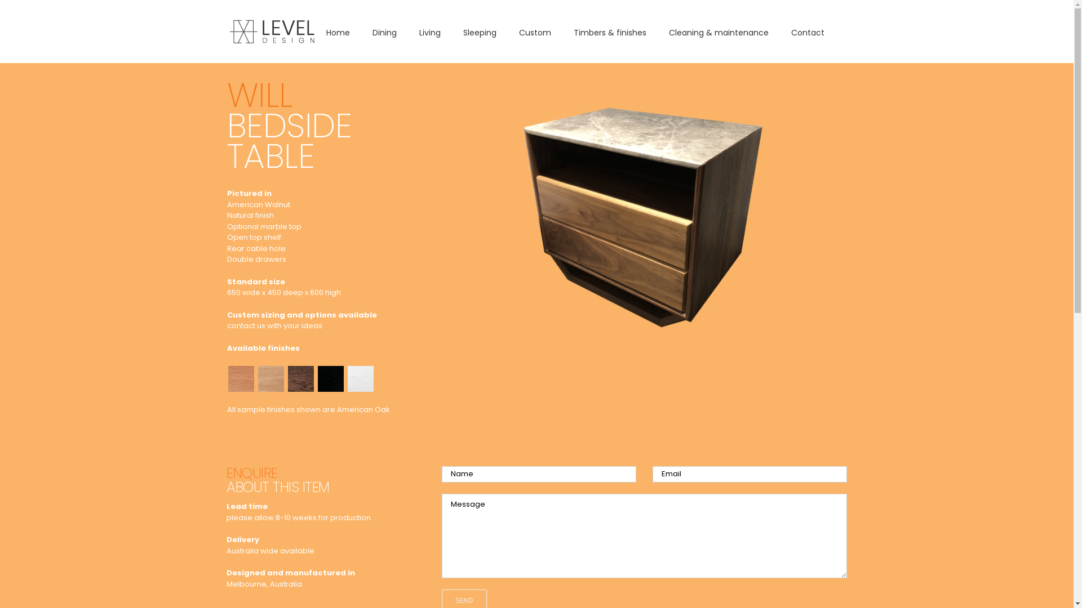  What do you see at coordinates (270, 369) in the screenshot?
I see `'Raw Finish'` at bounding box center [270, 369].